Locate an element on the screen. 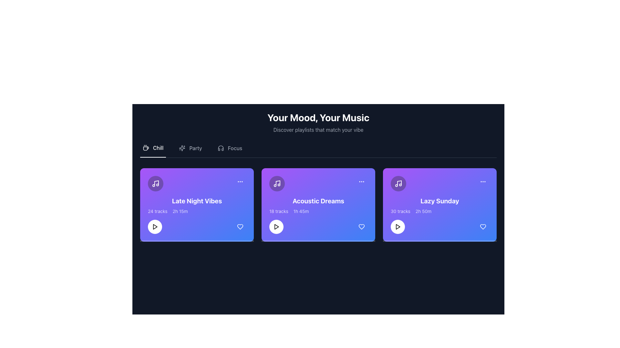 The height and width of the screenshot is (348, 620). the contextual menu trigger button located in the upper-right corner of the 'Lazy Sunday' playlist card is located at coordinates (483, 181).